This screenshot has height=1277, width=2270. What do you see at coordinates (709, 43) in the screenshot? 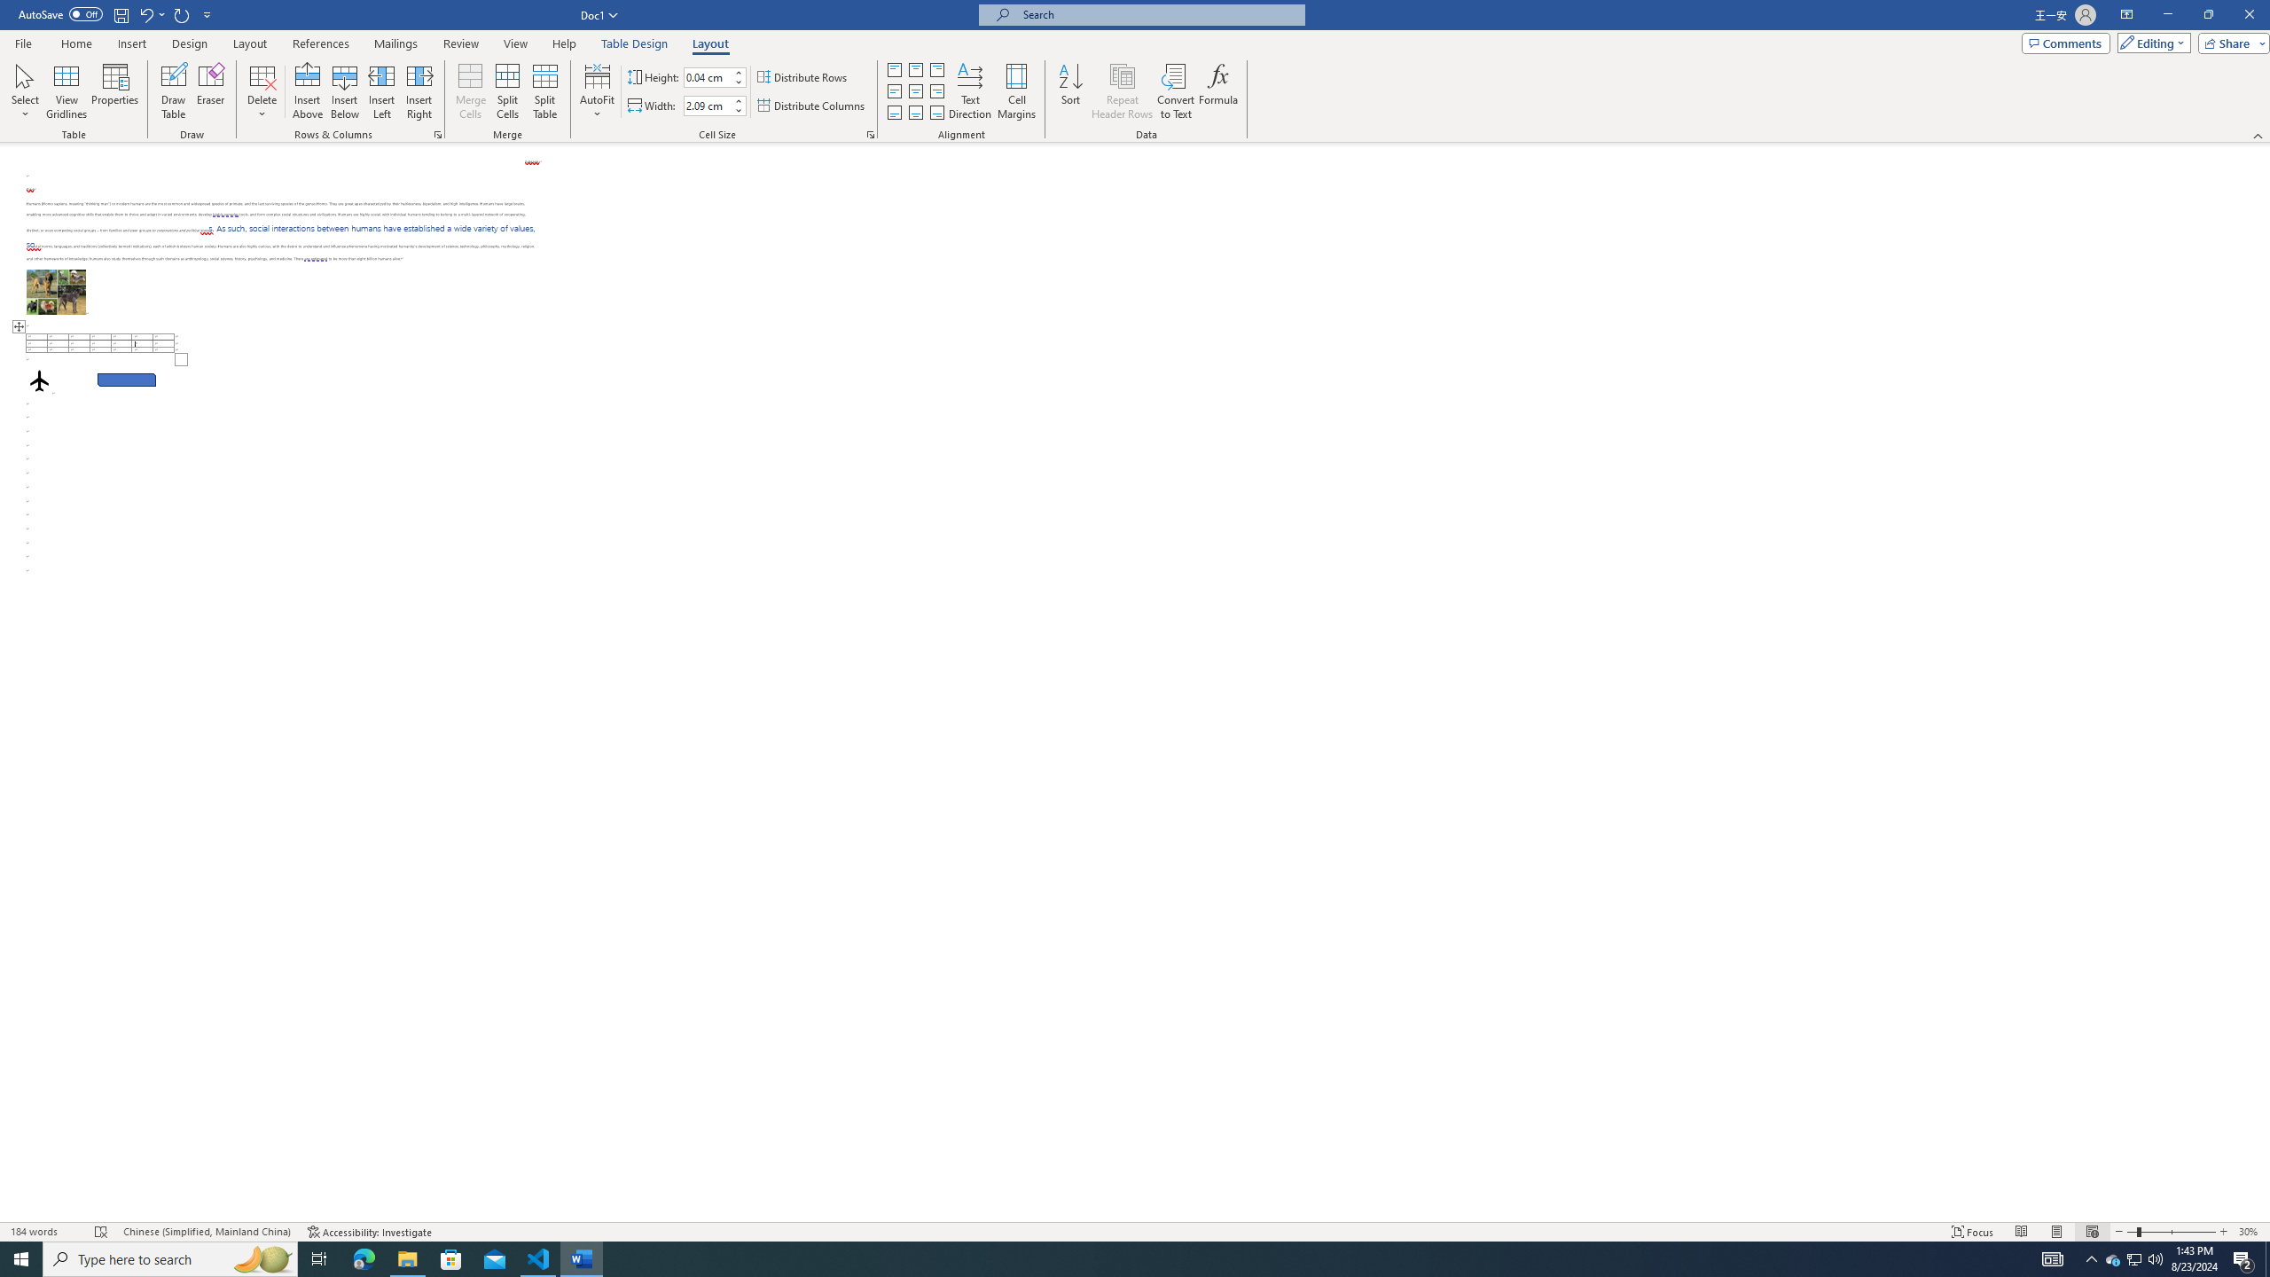
I see `'Layout'` at bounding box center [709, 43].